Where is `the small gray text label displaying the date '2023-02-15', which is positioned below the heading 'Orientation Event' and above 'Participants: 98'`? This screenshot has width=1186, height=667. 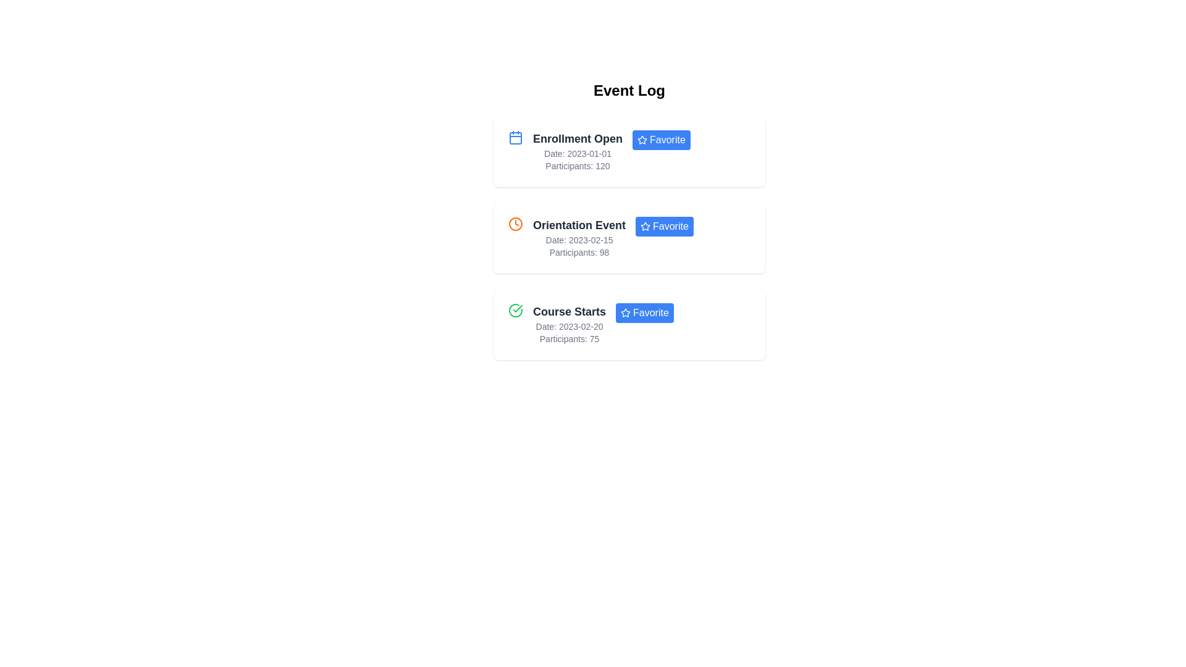 the small gray text label displaying the date '2023-02-15', which is positioned below the heading 'Orientation Event' and above 'Participants: 98' is located at coordinates (579, 240).